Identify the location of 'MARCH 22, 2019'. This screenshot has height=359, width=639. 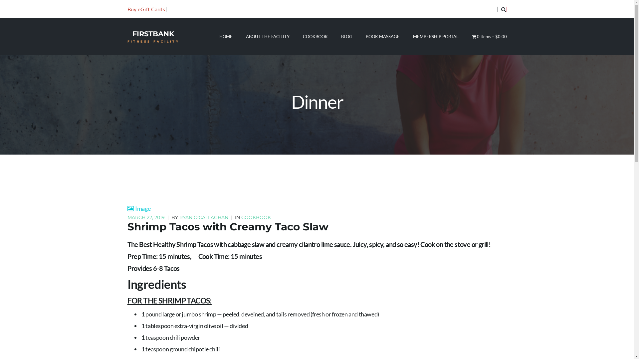
(146, 217).